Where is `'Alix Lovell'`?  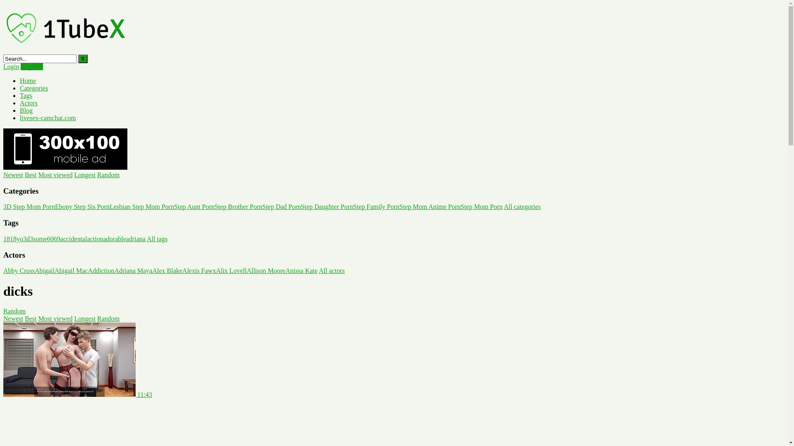
'Alix Lovell' is located at coordinates (231, 270).